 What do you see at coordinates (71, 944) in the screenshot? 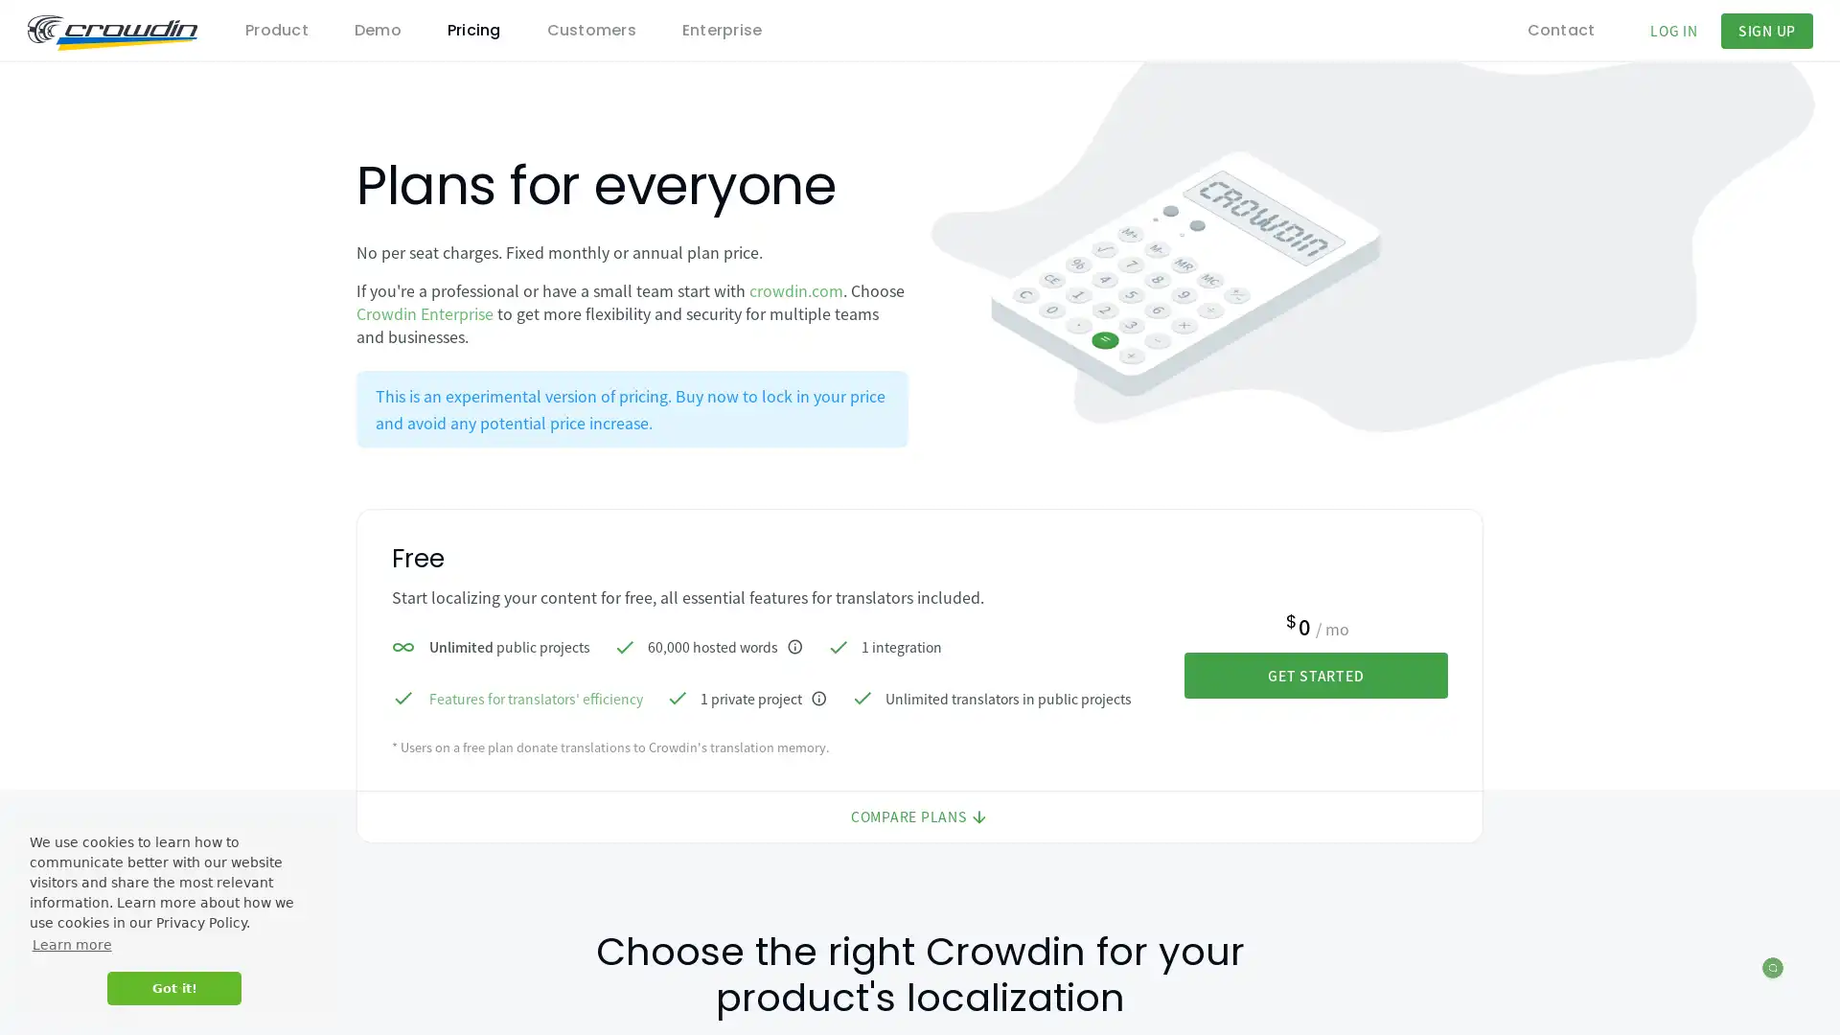
I see `learn more about cookies` at bounding box center [71, 944].